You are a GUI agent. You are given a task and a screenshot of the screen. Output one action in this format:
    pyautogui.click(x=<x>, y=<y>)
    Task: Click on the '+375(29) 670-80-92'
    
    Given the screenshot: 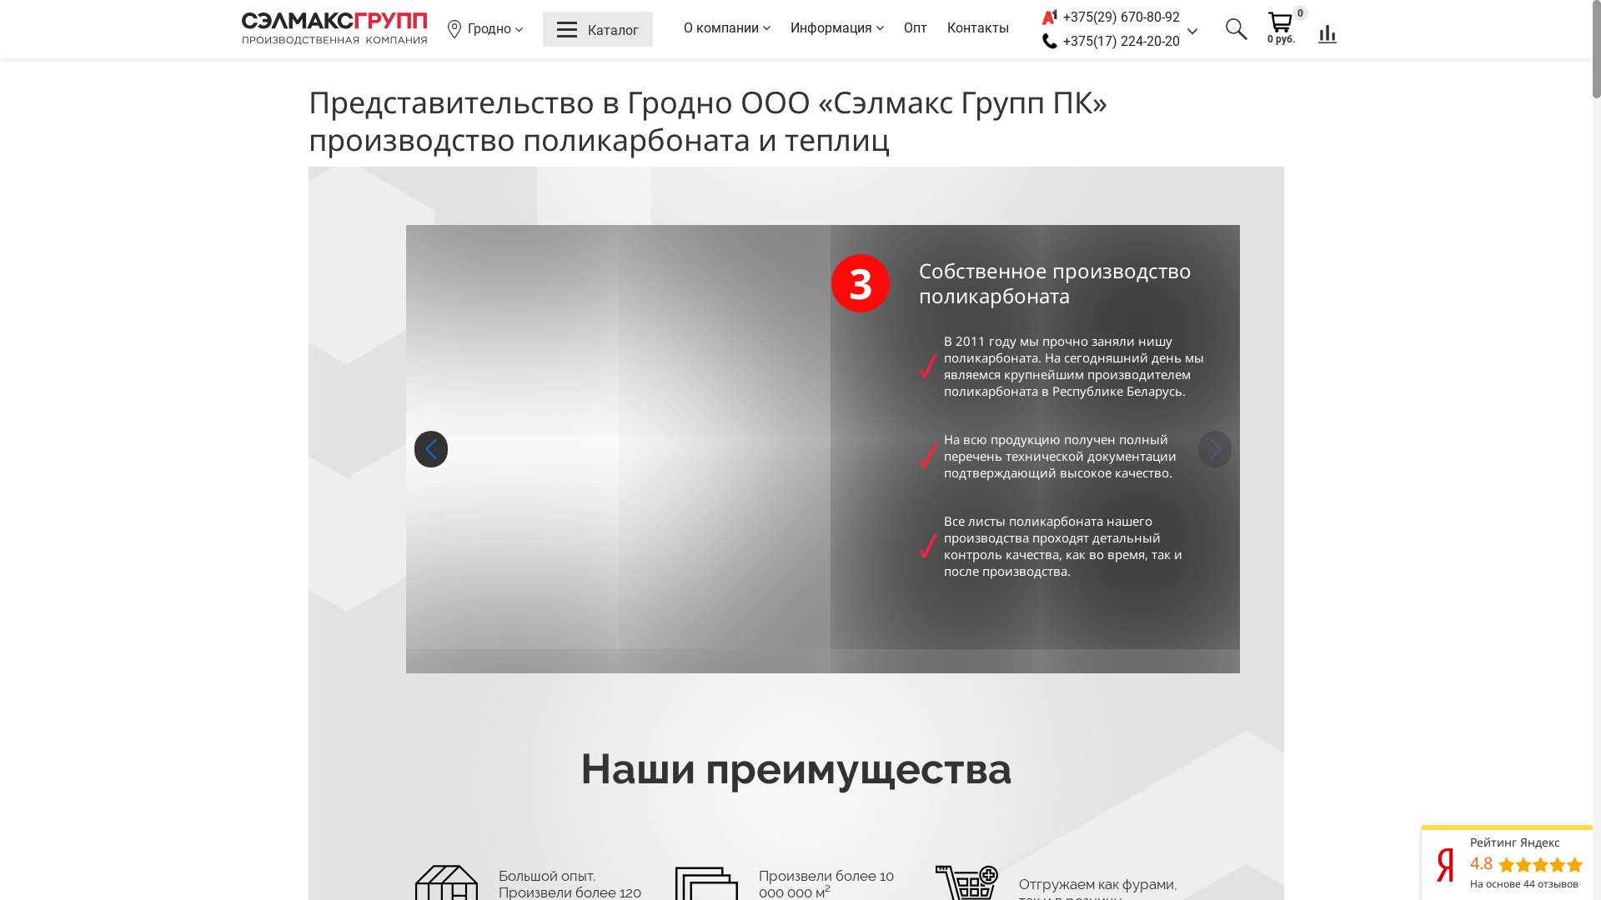 What is the action you would take?
    pyautogui.click(x=1062, y=17)
    